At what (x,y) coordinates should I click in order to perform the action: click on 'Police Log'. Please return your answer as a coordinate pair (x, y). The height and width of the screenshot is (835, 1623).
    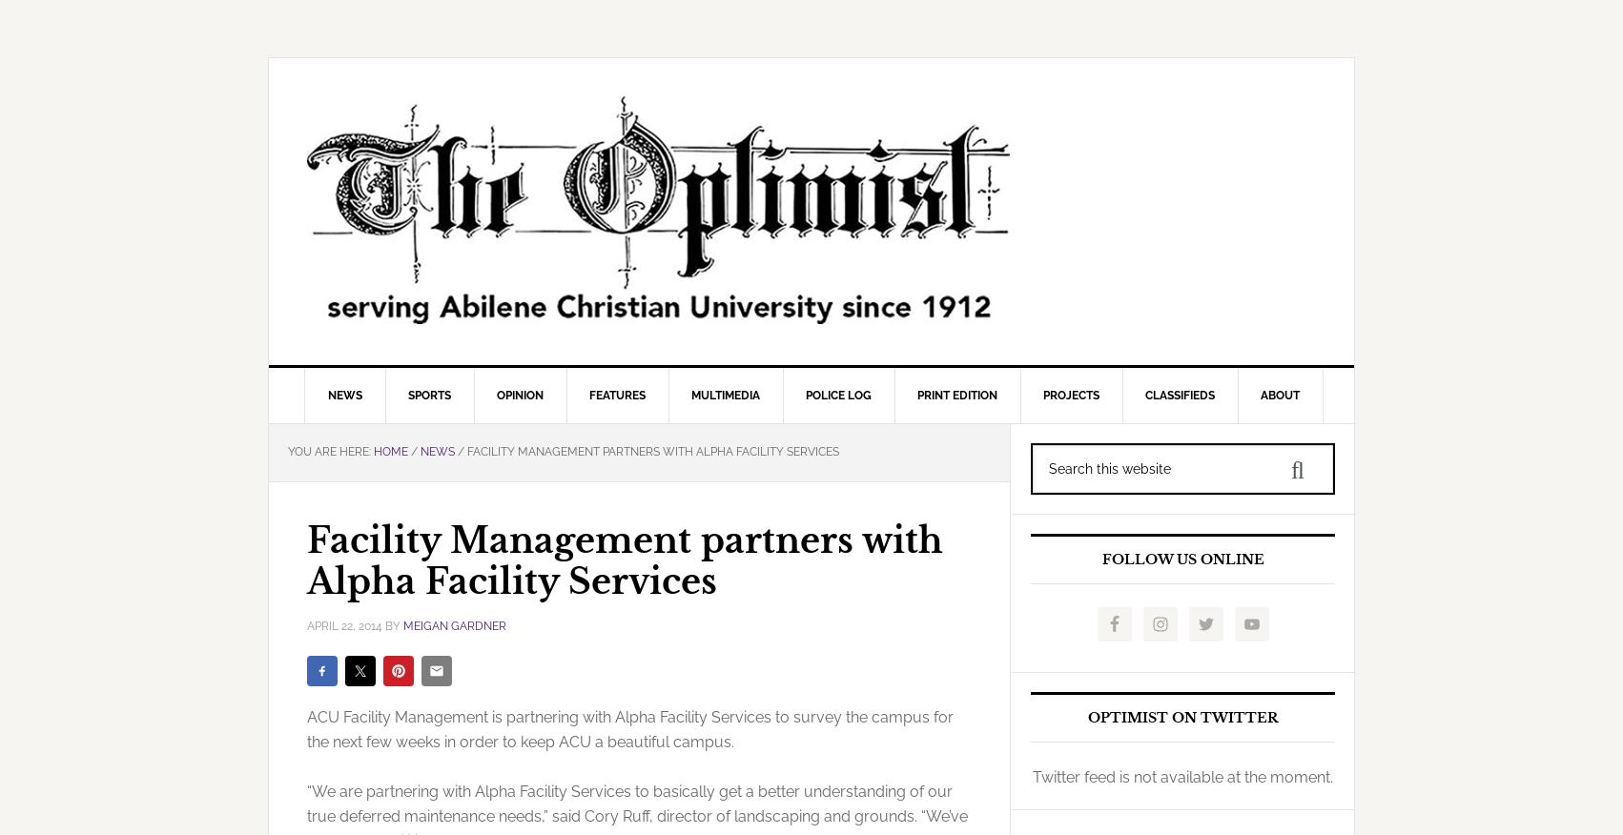
    Looking at the image, I should click on (837, 395).